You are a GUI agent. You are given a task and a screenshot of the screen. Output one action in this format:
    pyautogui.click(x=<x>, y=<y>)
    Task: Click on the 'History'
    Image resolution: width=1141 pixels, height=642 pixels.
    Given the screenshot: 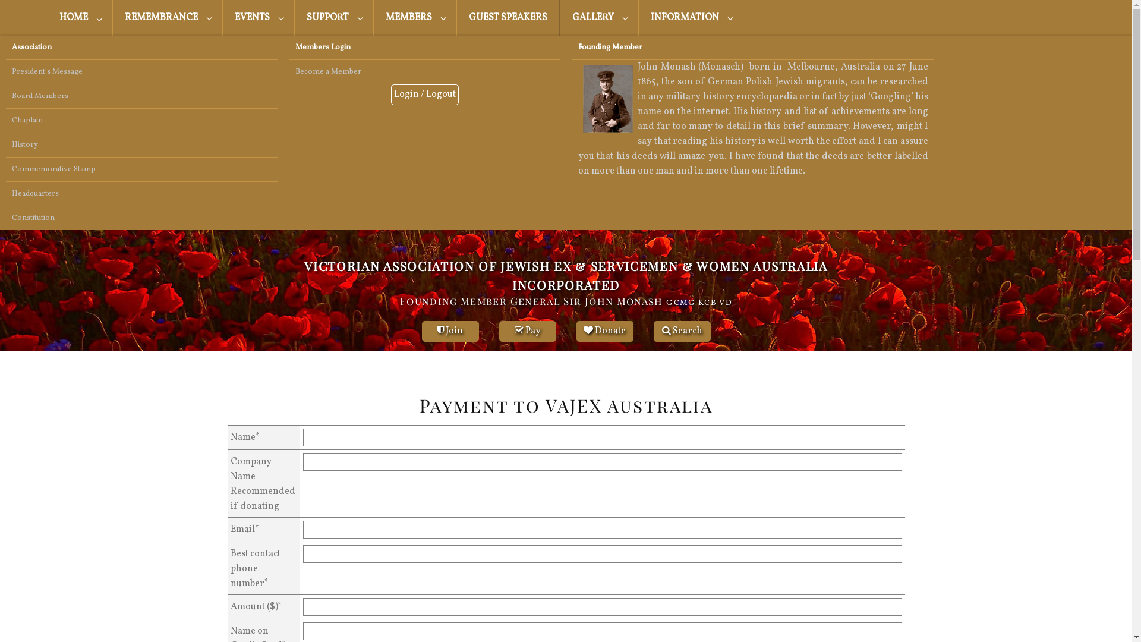 What is the action you would take?
    pyautogui.click(x=141, y=144)
    